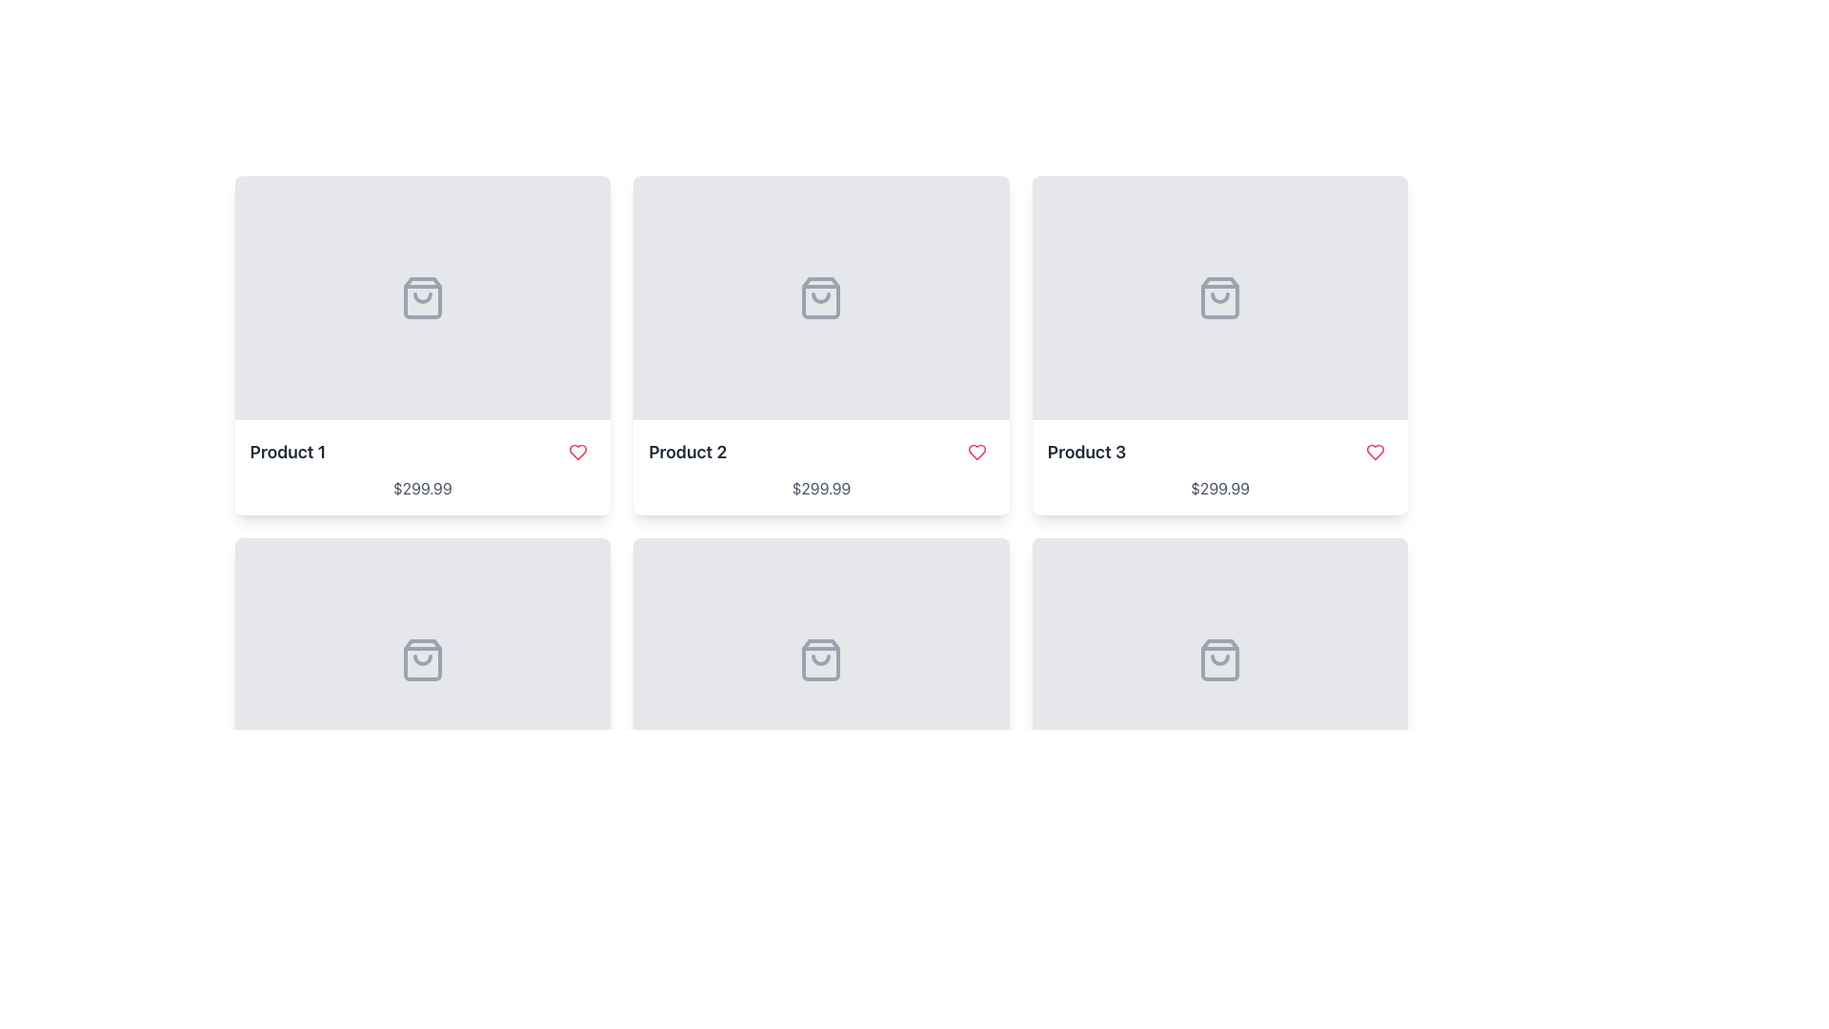 The width and height of the screenshot is (1829, 1029). Describe the element at coordinates (976, 452) in the screenshot. I see `the heart-shaped rose-colored icon button located at the bottom-right corner of the 'Product 2' card` at that location.